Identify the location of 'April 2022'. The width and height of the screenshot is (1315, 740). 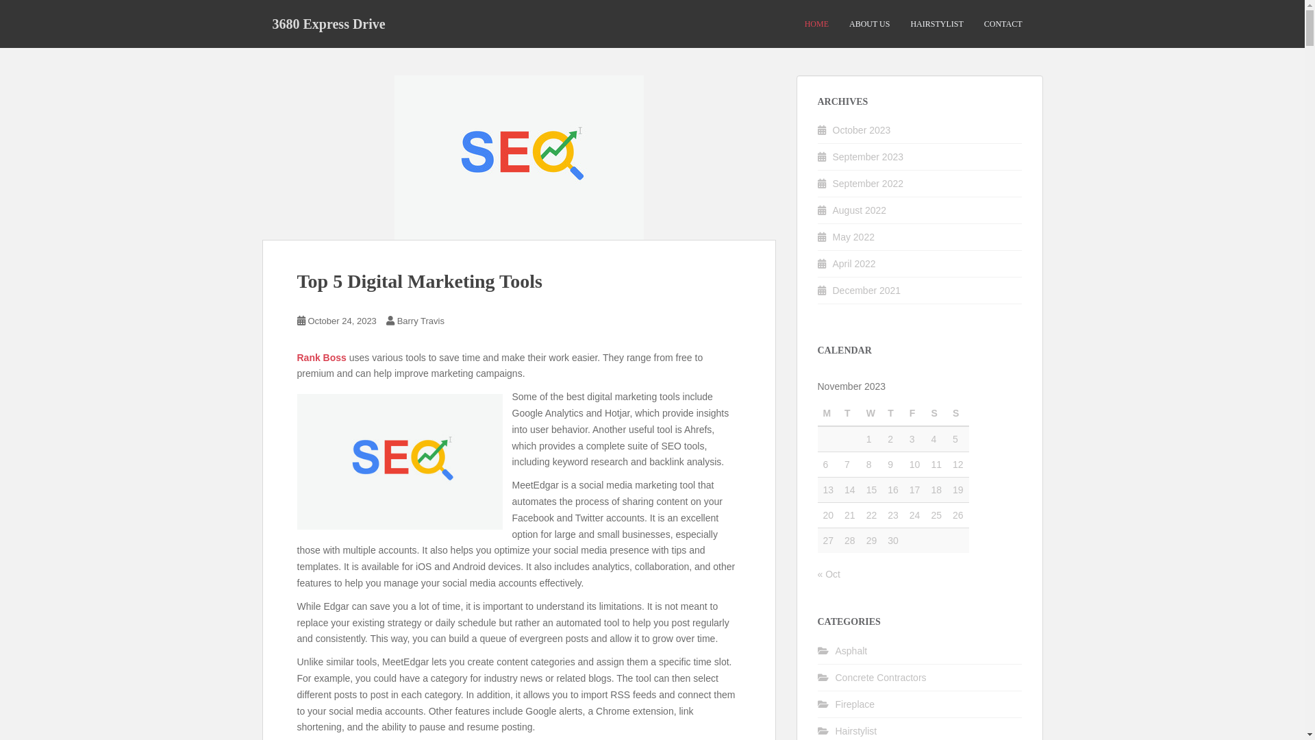
(853, 264).